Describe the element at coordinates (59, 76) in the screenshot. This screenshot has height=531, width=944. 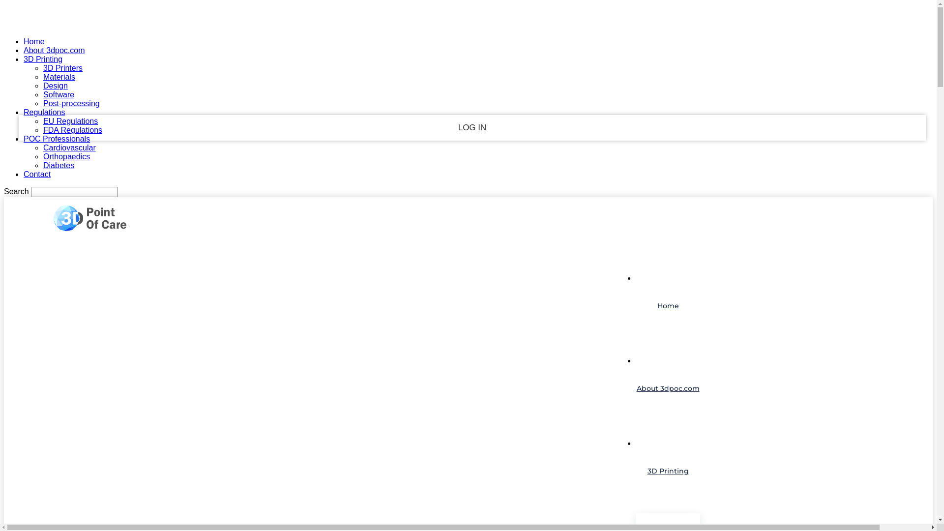
I see `'Materials'` at that location.